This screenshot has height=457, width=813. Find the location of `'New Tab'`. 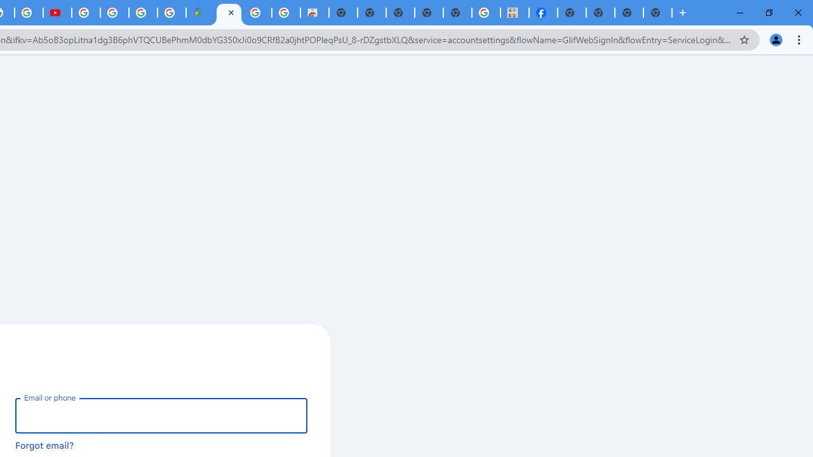

'New Tab' is located at coordinates (657, 13).